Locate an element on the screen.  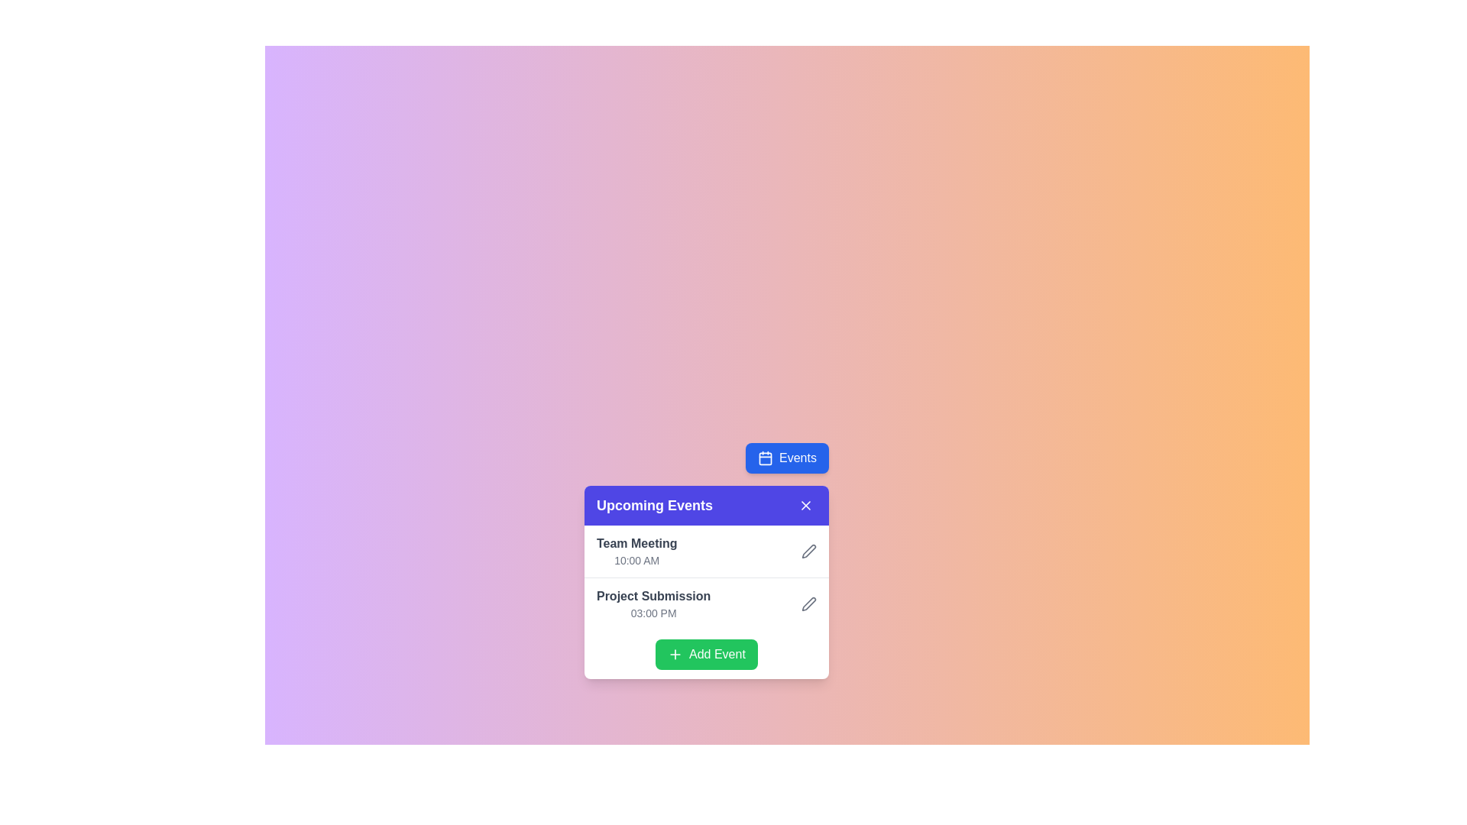
the 'Project Submission' text display component for accessibility features is located at coordinates (653, 603).